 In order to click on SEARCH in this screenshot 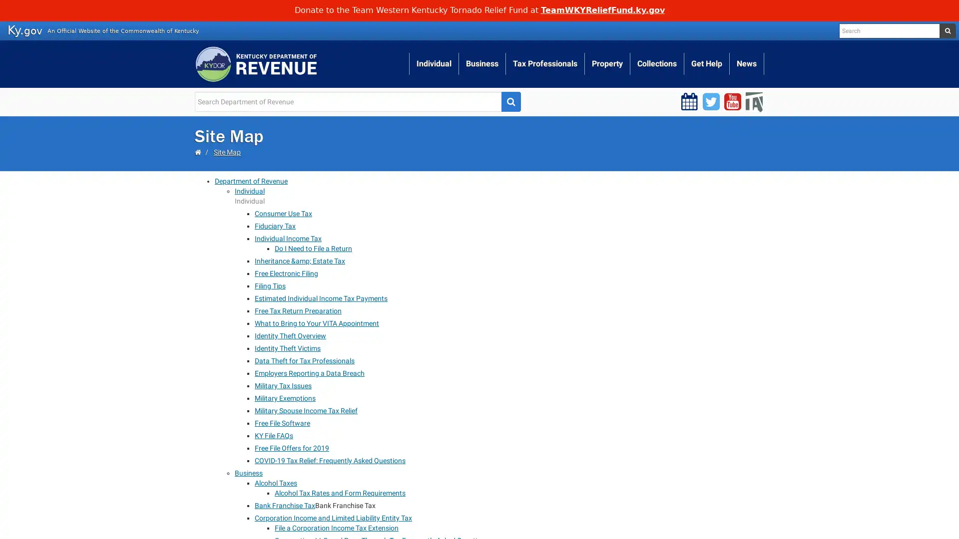, I will do `click(947, 30)`.